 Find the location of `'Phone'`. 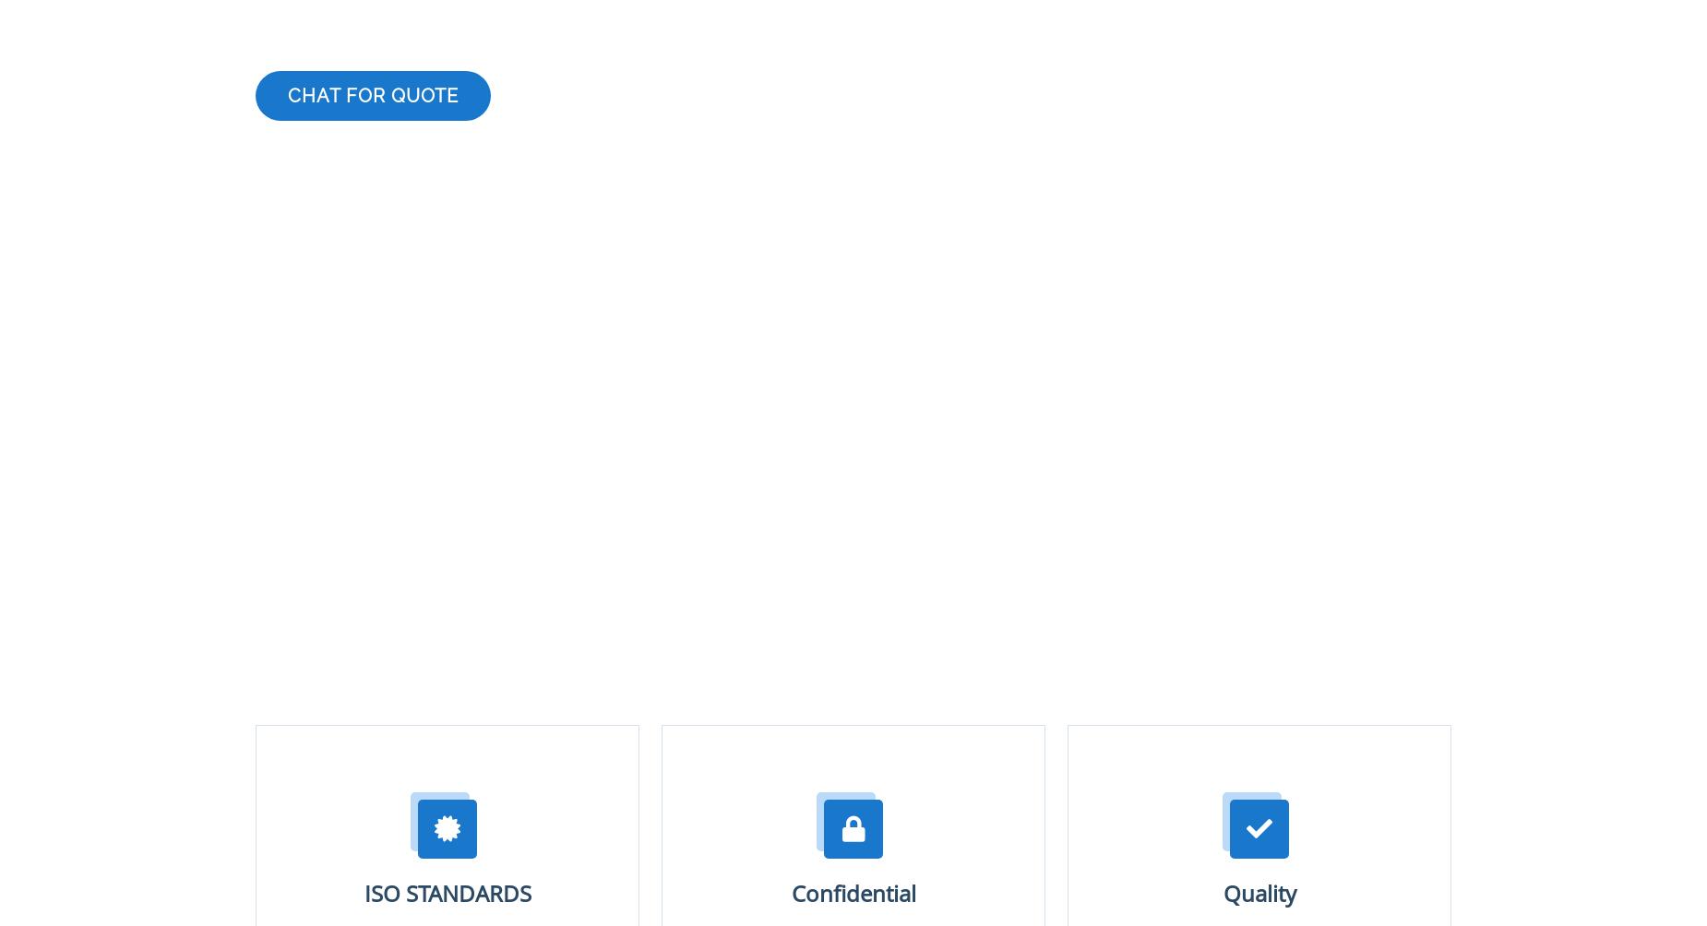

'Phone' is located at coordinates (784, 606).